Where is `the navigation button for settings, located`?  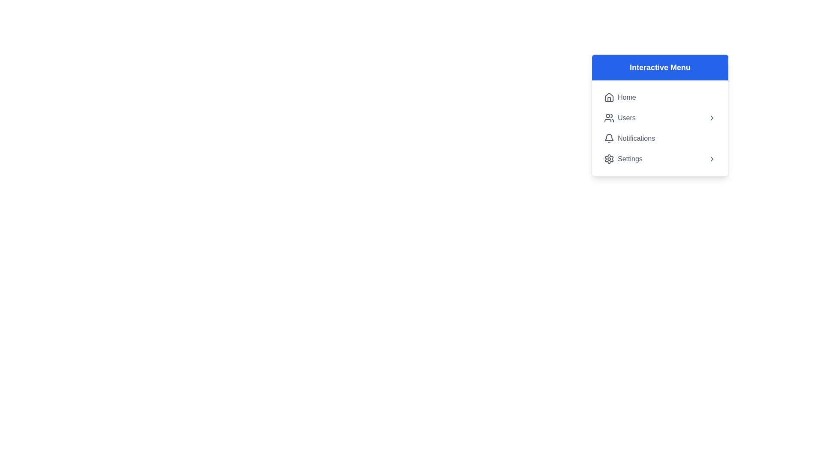 the navigation button for settings, located is located at coordinates (623, 159).